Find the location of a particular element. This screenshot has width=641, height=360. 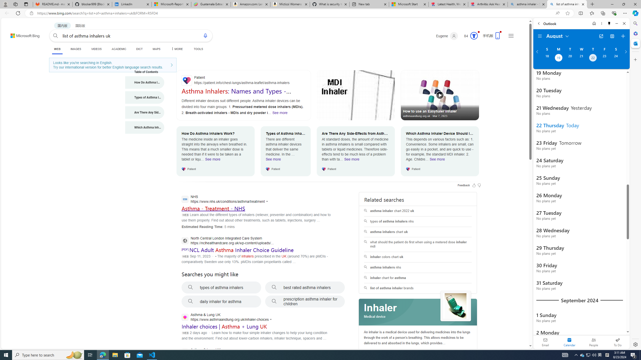

'Create event' is located at coordinates (623, 36).